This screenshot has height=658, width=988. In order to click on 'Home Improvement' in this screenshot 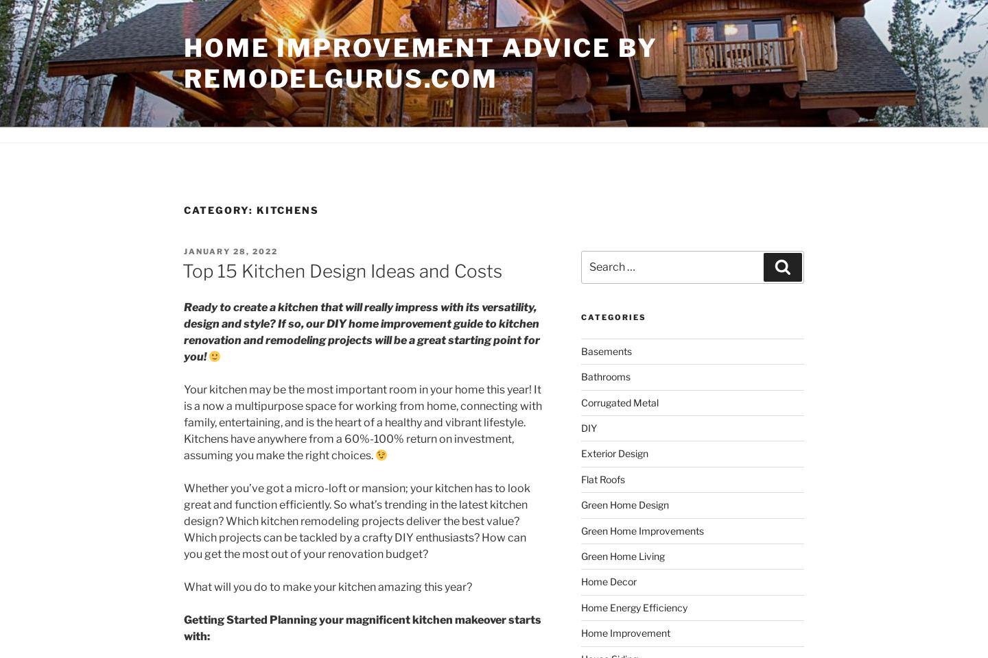, I will do `click(624, 633)`.